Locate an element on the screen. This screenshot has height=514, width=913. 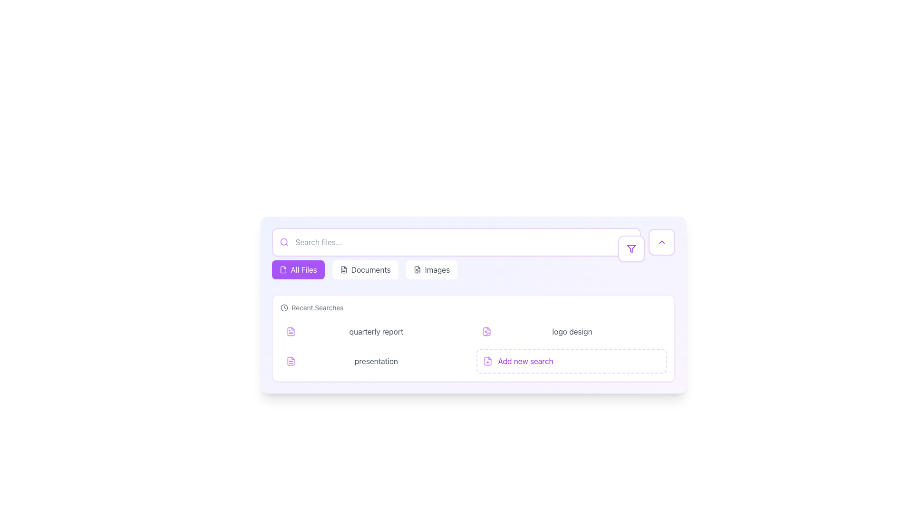
the small circular clock icon, which is styled in a minimalist outlined design and located to the left of the 'Recent Searches' text is located at coordinates (283, 308).